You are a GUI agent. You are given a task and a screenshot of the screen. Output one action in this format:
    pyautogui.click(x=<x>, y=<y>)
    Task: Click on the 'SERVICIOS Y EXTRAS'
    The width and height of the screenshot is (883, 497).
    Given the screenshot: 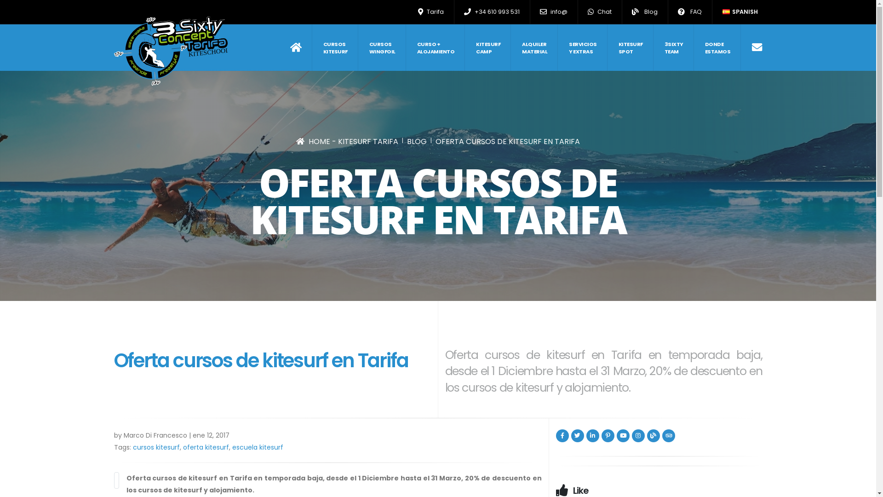 What is the action you would take?
    pyautogui.click(x=582, y=47)
    